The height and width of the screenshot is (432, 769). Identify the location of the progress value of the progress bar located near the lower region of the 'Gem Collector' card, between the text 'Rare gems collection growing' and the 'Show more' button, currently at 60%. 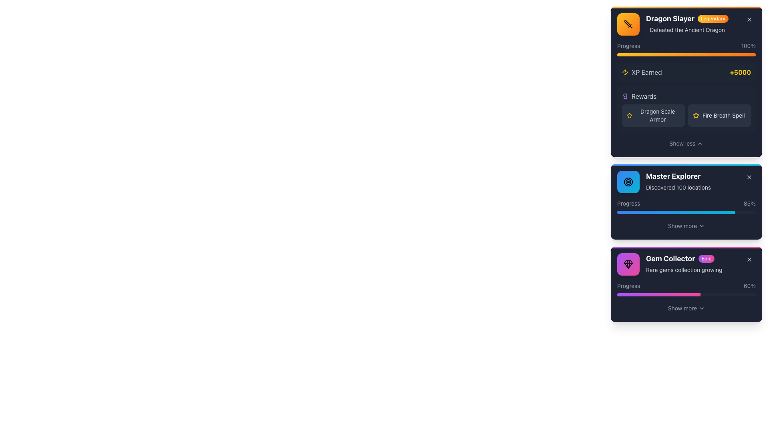
(686, 289).